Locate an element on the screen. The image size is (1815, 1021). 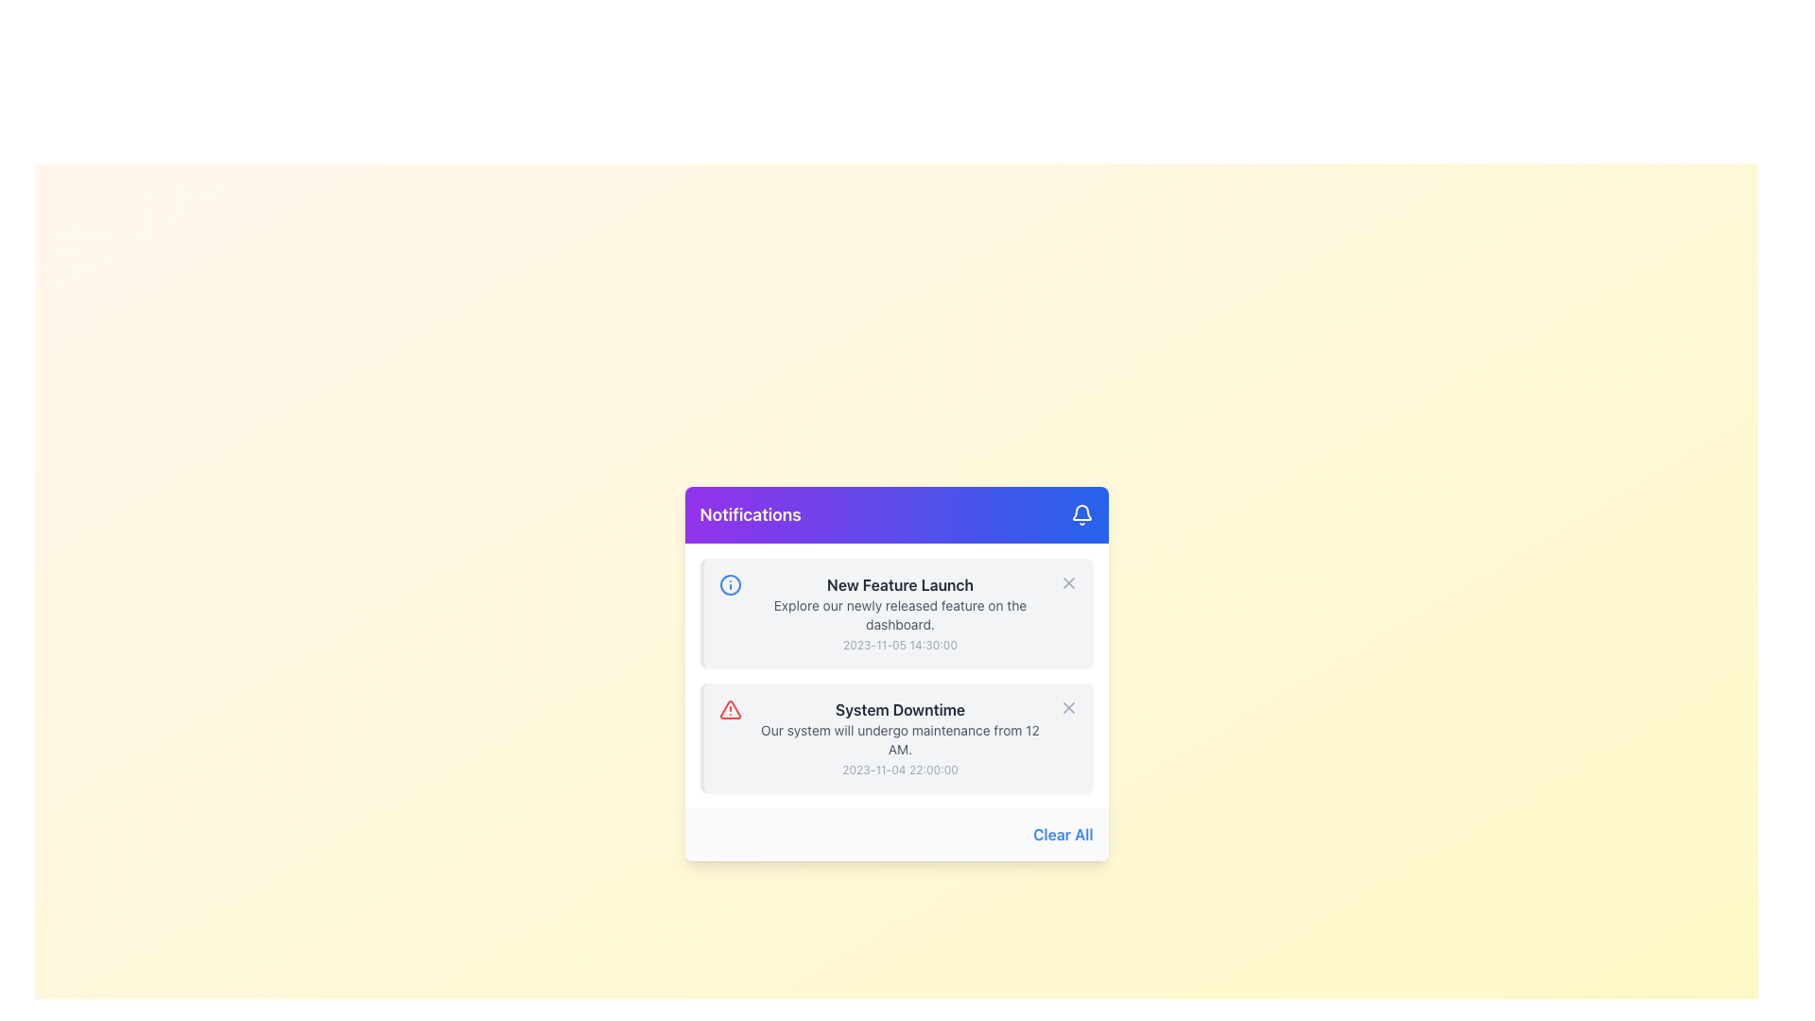
the bell icon located at the far right end of the header bar is located at coordinates (1081, 514).